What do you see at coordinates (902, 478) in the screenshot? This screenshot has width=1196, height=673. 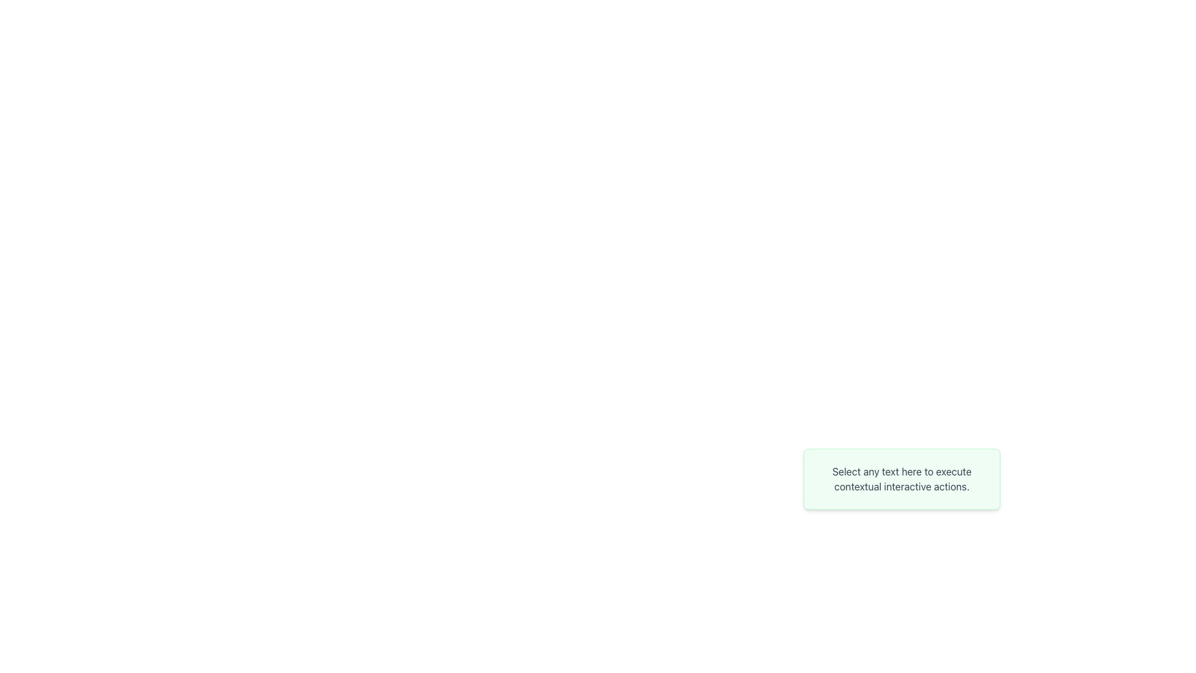 I see `the Static Information Text Block with a light green background that contains the text 'Select any text here to execute contextual interactive actions.'` at bounding box center [902, 478].